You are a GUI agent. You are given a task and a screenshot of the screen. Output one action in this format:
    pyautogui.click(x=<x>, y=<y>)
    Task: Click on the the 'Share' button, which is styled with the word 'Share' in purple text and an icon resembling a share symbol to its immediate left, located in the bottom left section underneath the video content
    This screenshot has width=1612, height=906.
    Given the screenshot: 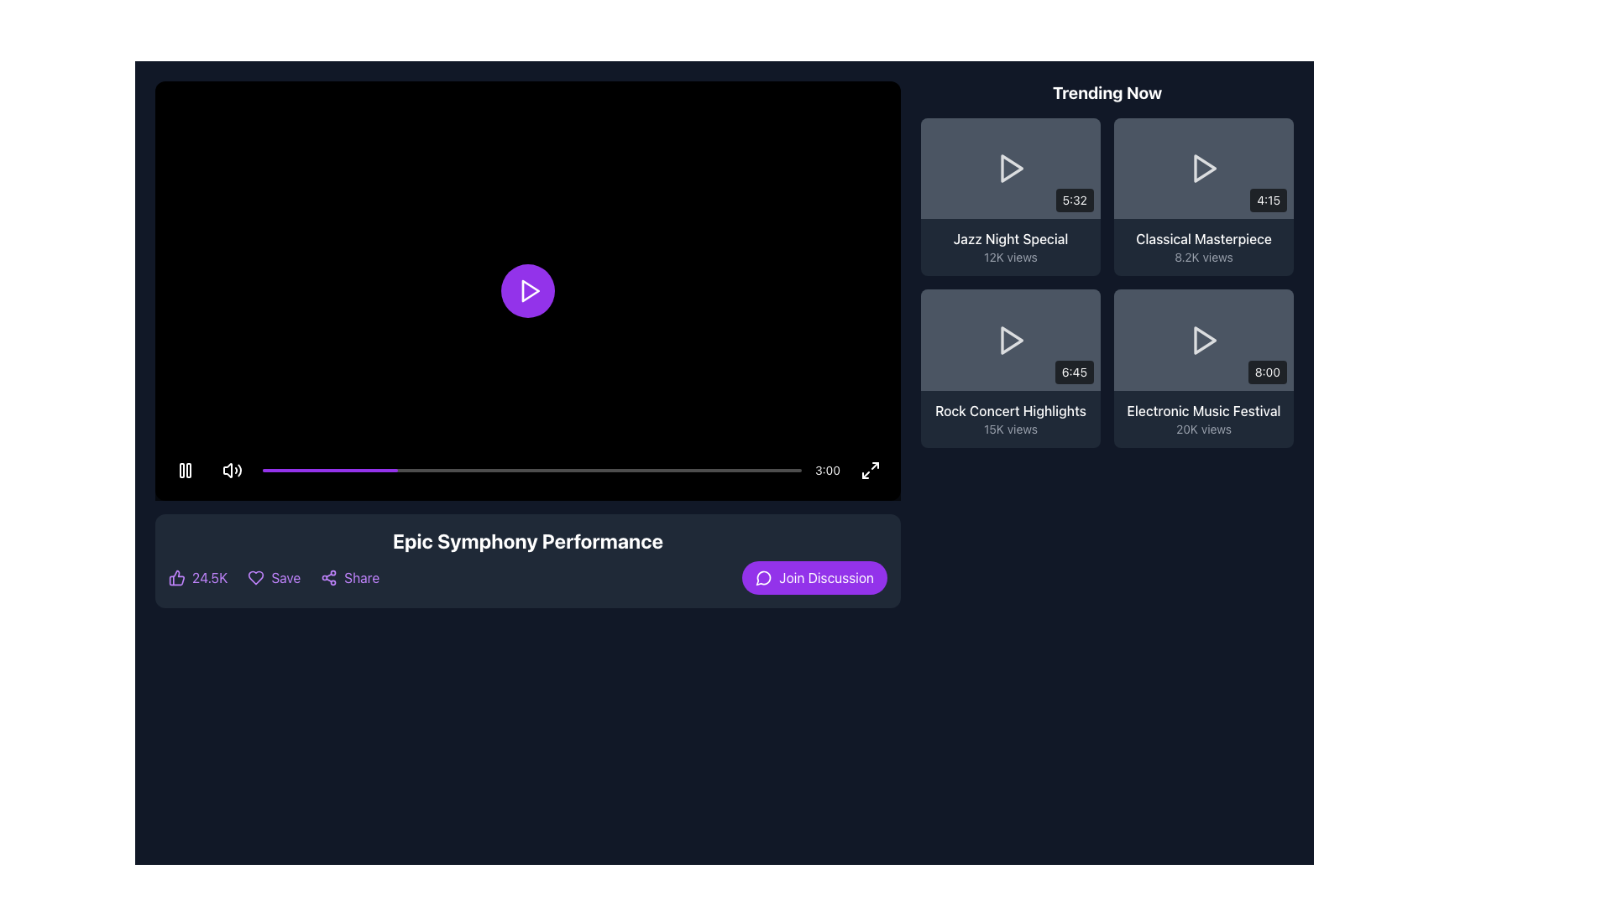 What is the action you would take?
    pyautogui.click(x=349, y=576)
    